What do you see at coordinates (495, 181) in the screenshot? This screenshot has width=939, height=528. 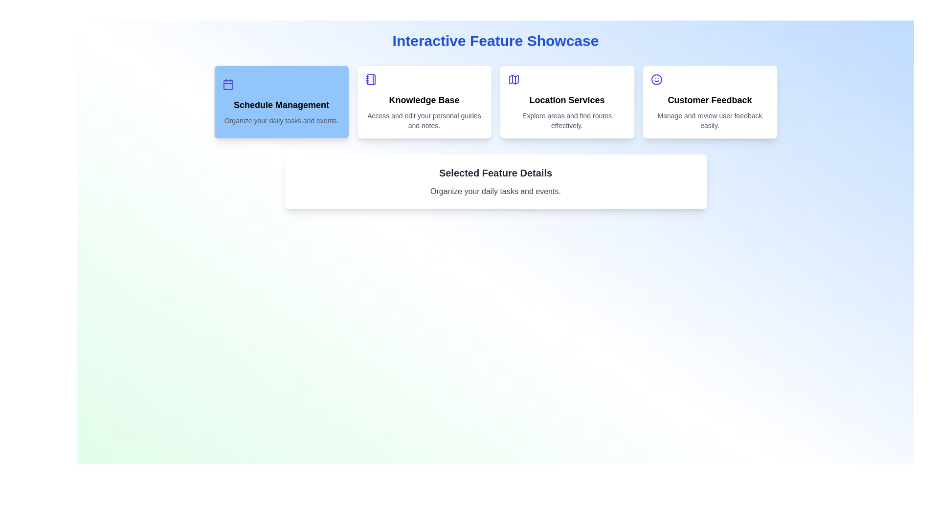 I see `the Information panel that provides detailed descriptions of selected features, located slightly below the top third of the interface` at bounding box center [495, 181].